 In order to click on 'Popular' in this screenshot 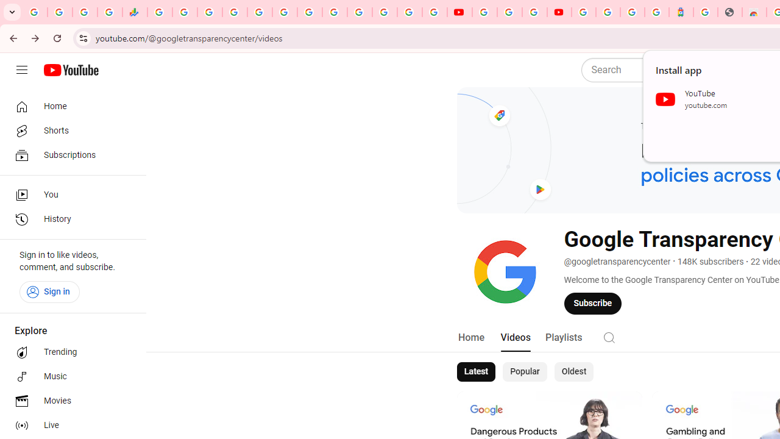, I will do `click(525, 371)`.